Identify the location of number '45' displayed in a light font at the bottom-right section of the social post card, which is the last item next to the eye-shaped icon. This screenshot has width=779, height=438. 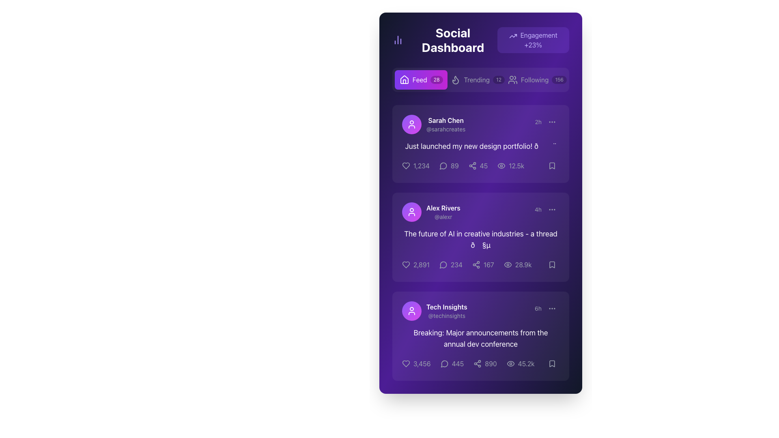
(484, 165).